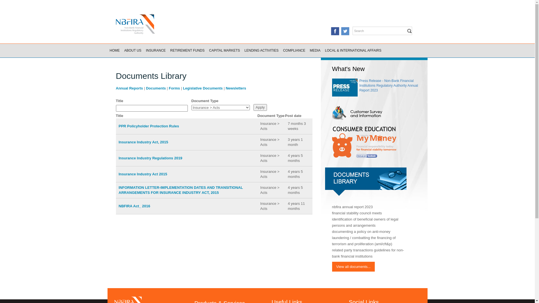 The height and width of the screenshot is (303, 539). Describe the element at coordinates (332, 207) in the screenshot. I see `'nbfira annual report 2023'` at that location.